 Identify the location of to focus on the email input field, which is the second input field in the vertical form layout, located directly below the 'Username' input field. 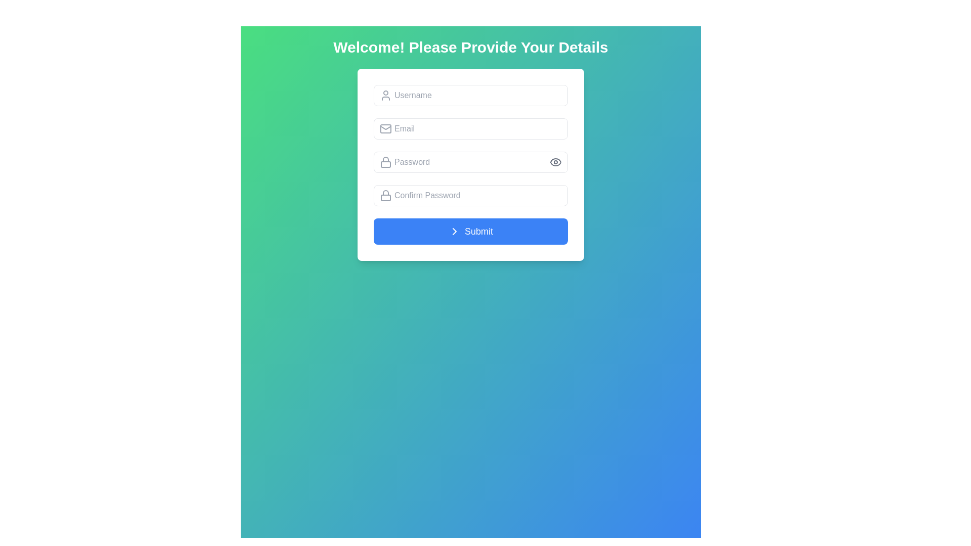
(470, 128).